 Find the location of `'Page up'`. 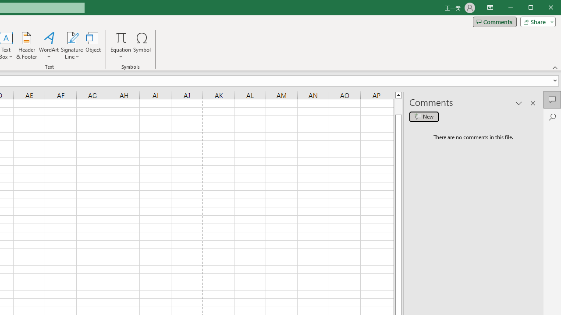

'Page up' is located at coordinates (398, 106).